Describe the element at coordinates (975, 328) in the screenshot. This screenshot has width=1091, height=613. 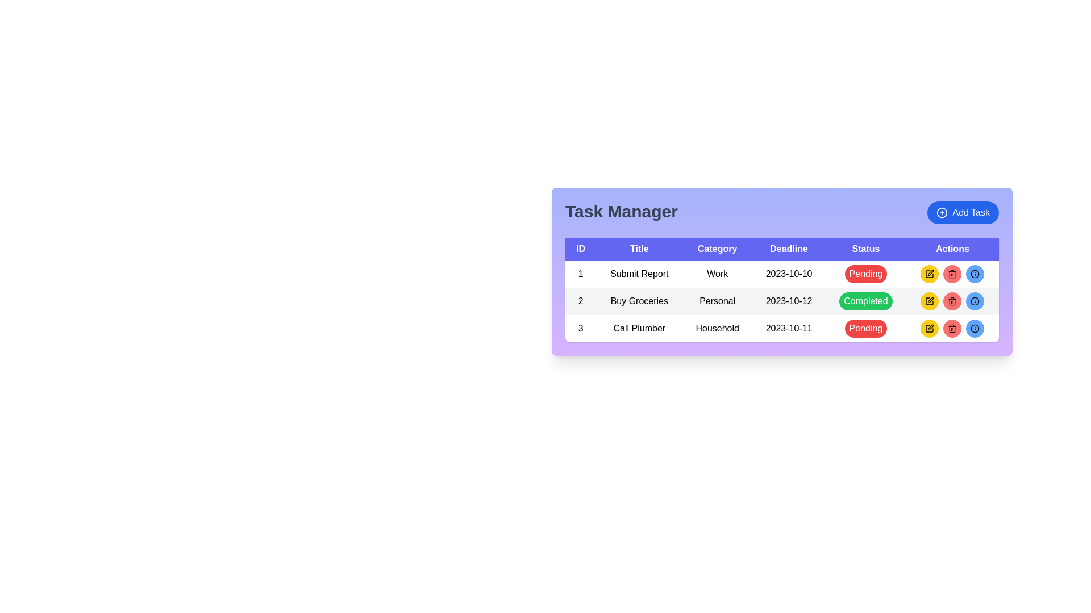
I see `the circular information icon located in the third row under the 'Actions' column of the table` at that location.